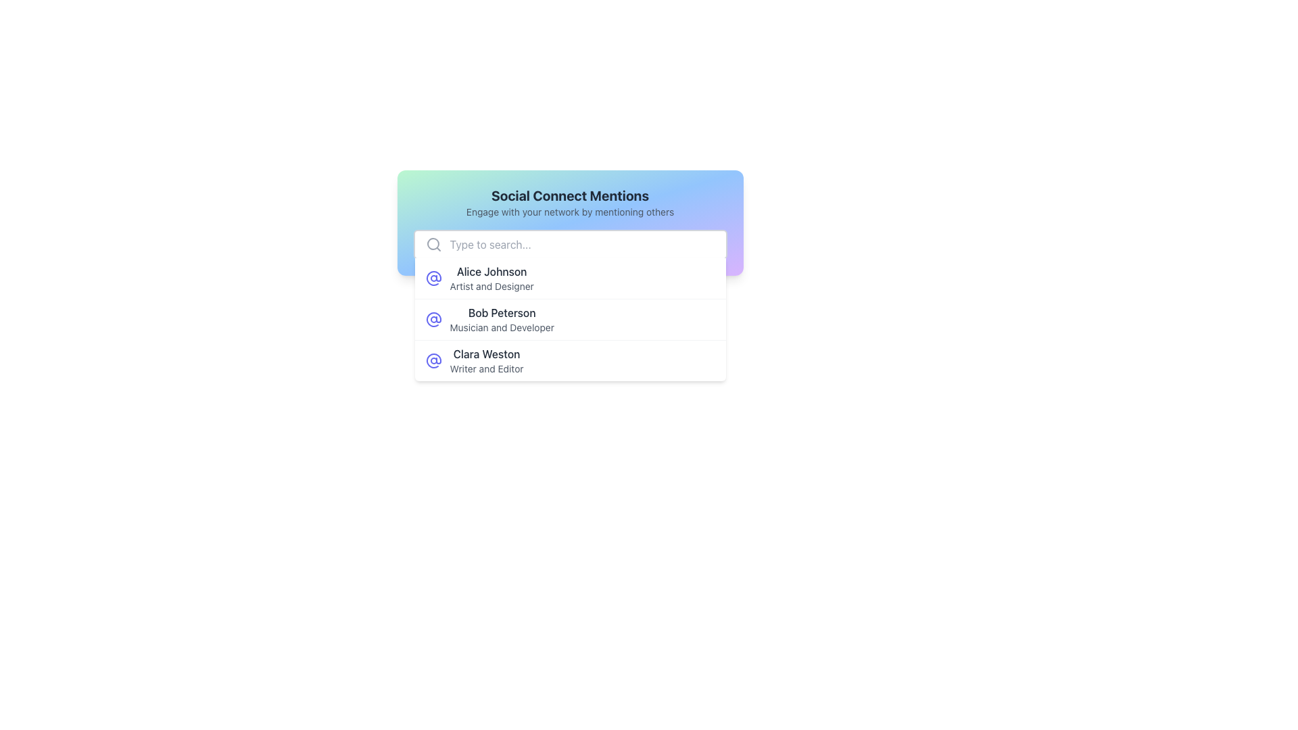 The width and height of the screenshot is (1298, 730). I want to click on the first item in the dropdown menu, so click(570, 278).